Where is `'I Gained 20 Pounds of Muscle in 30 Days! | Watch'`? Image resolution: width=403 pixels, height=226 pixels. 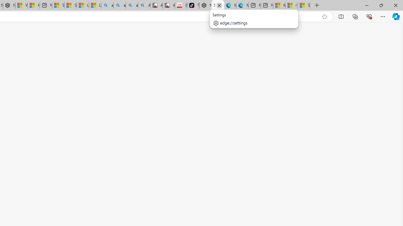 'I Gained 20 Pounds of Muscle in 30 Days! | Watch' is located at coordinates (291, 5).